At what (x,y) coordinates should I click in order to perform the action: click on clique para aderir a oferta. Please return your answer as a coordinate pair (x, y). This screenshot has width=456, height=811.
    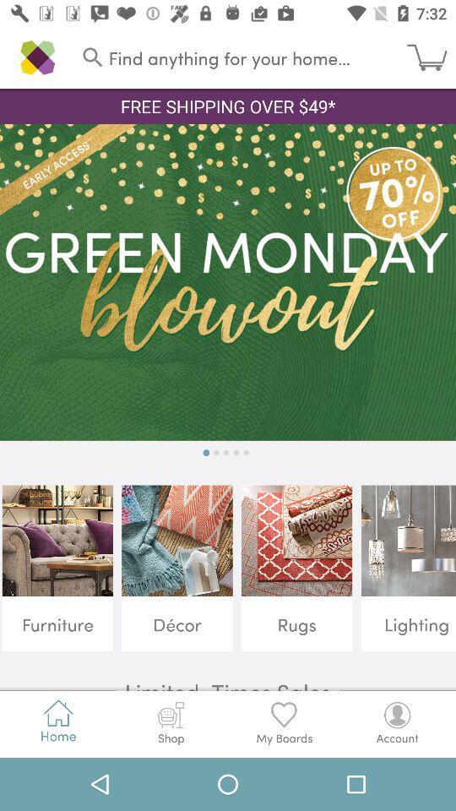
    Looking at the image, I should click on (228, 282).